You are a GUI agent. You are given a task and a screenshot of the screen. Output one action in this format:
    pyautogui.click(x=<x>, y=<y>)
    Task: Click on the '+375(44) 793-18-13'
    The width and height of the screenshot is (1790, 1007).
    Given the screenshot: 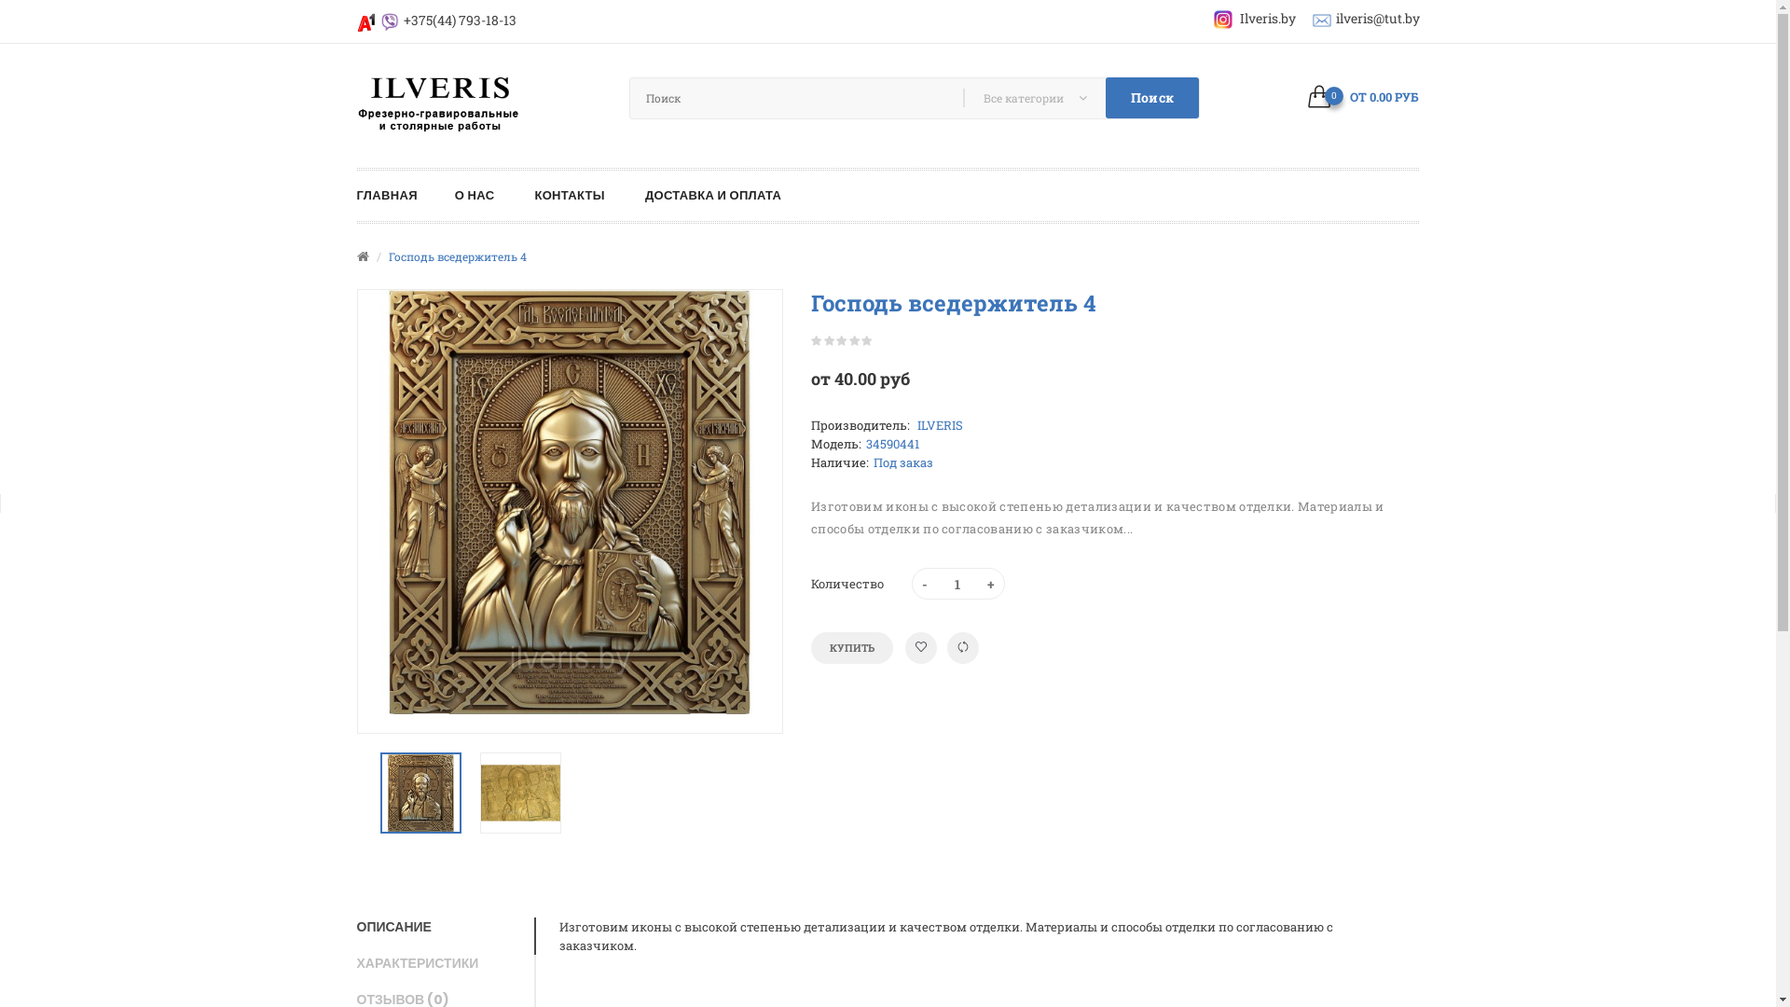 What is the action you would take?
    pyautogui.click(x=459, y=20)
    